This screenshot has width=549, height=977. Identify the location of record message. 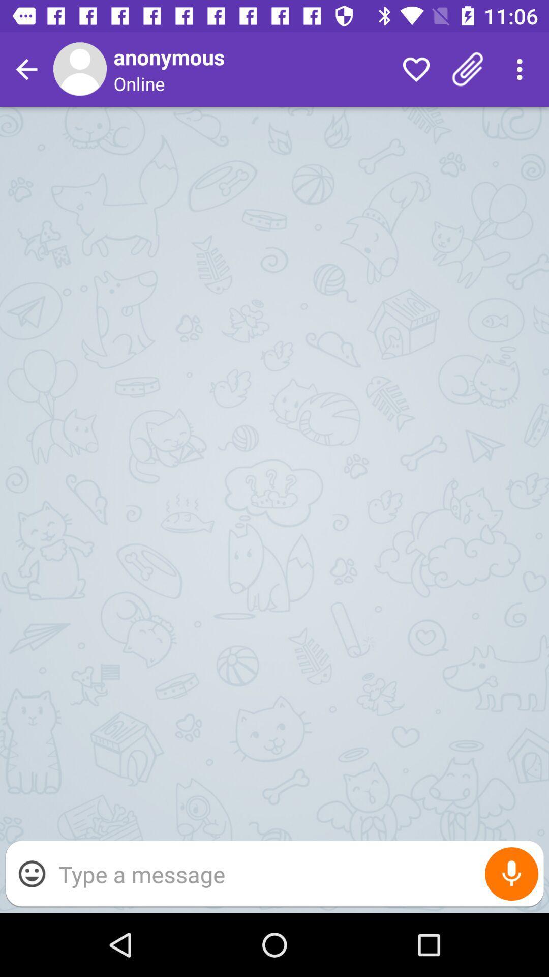
(511, 873).